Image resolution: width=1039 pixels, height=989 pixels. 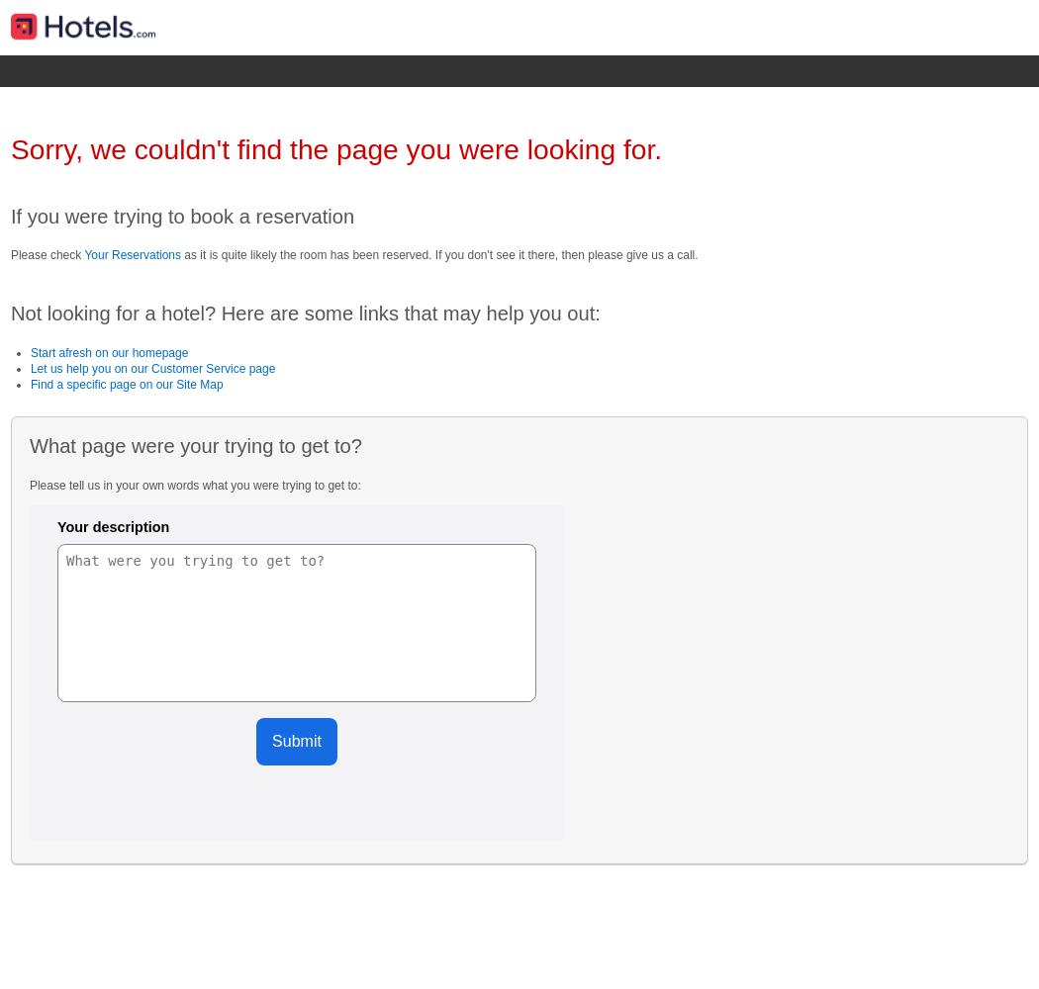 What do you see at coordinates (9, 313) in the screenshot?
I see `'Not looking for a hotel? Here are some links that may help you out:'` at bounding box center [9, 313].